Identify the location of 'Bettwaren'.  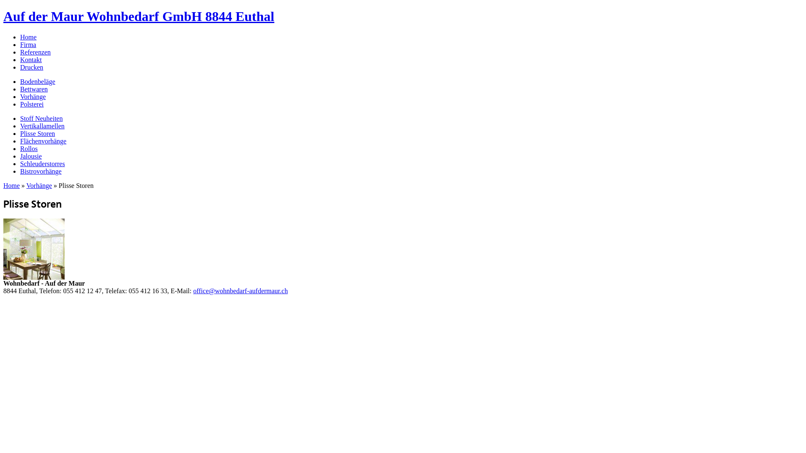
(34, 89).